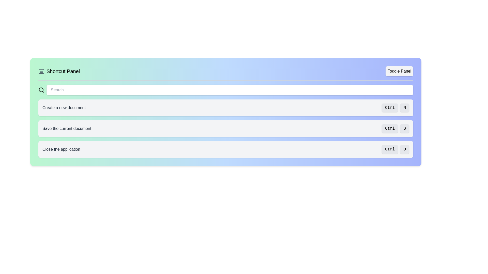 The width and height of the screenshot is (488, 274). I want to click on the icon representing a keyboard, which is a small rectangle with rounded corners located on the leftmost side of the toolbar, adjacent to the 'Shortcut Panel' heading, so click(41, 71).